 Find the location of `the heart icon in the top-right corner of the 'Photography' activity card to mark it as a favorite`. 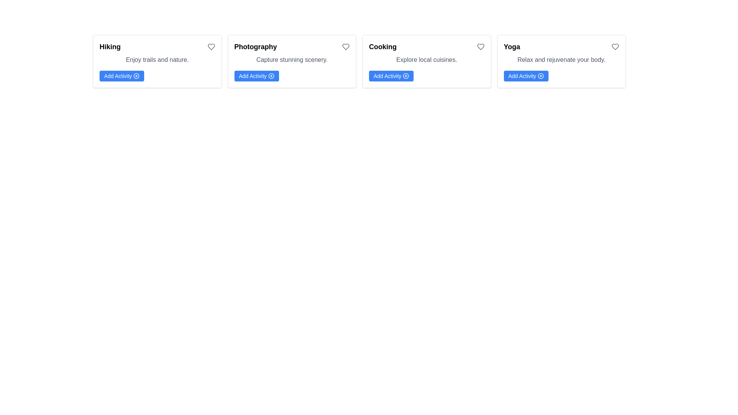

the heart icon in the top-right corner of the 'Photography' activity card to mark it as a favorite is located at coordinates (346, 47).